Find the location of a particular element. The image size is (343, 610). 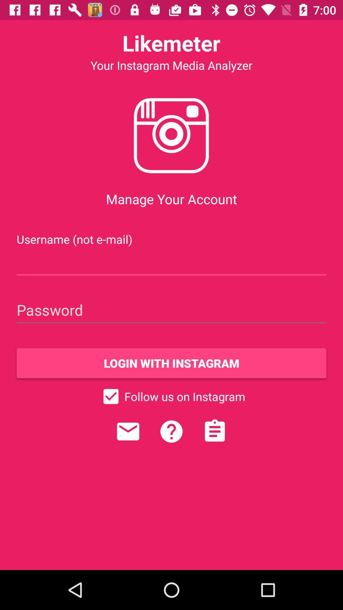

icon below follow us on item is located at coordinates (171, 431).